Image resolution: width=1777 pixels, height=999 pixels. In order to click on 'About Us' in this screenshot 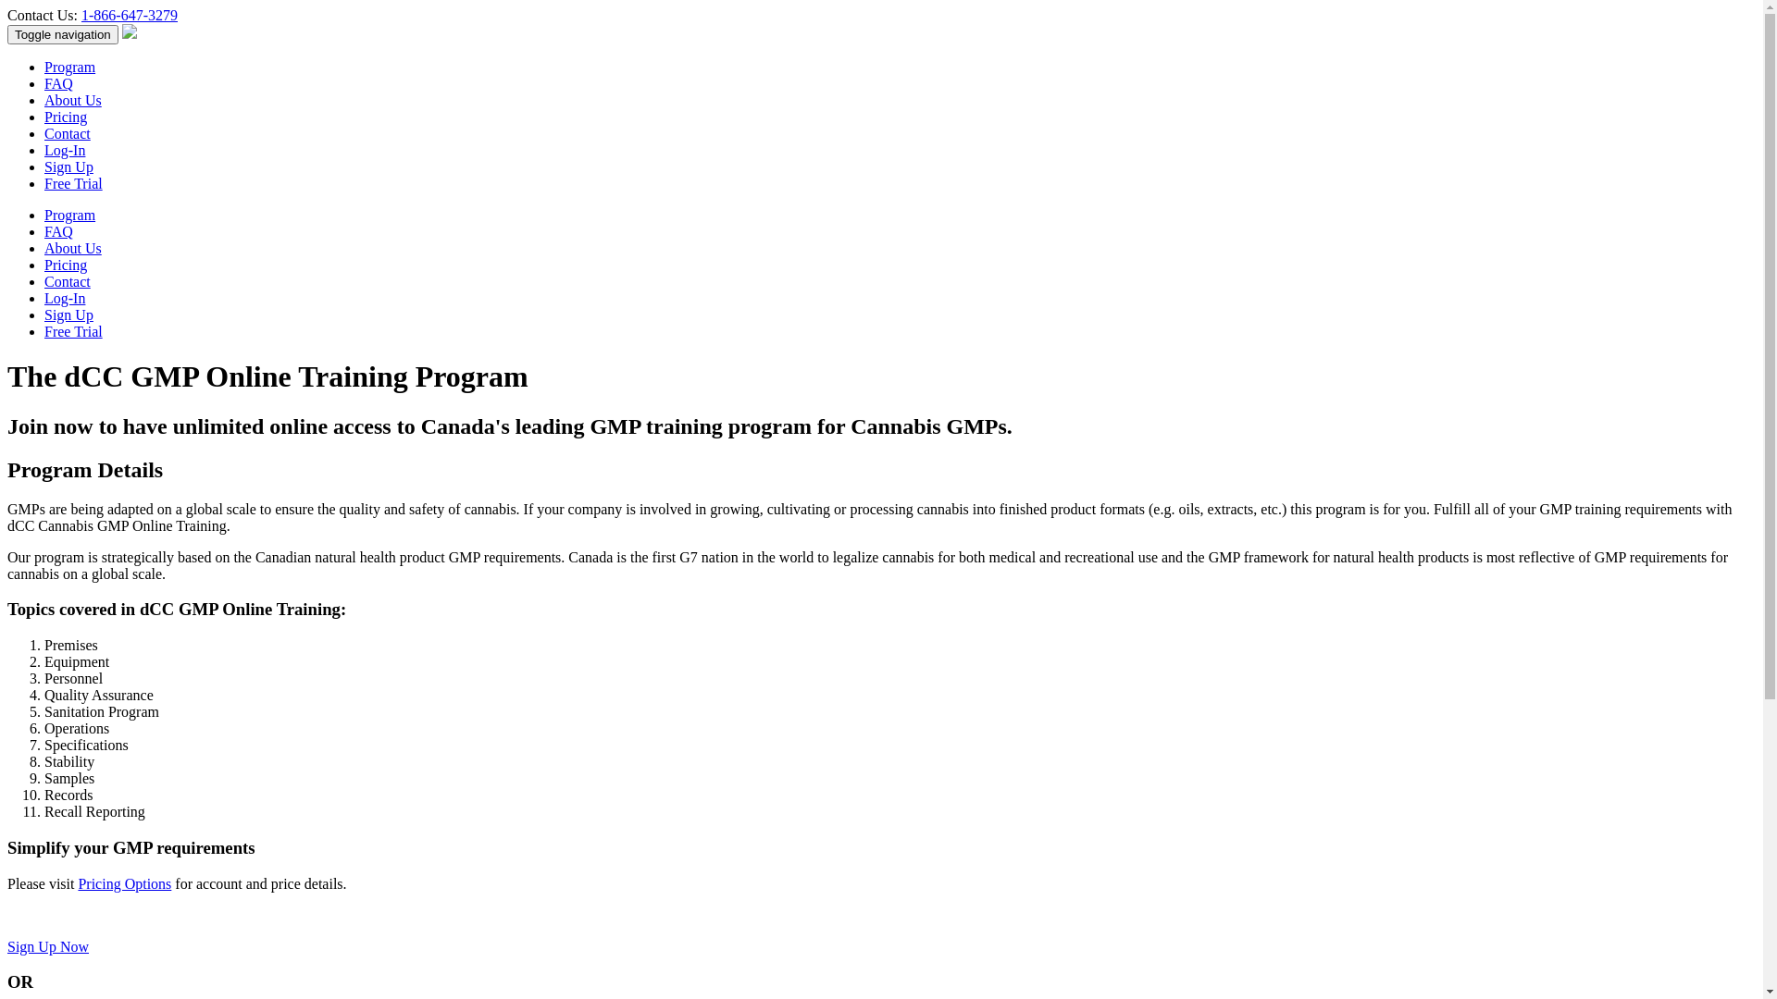, I will do `click(72, 100)`.